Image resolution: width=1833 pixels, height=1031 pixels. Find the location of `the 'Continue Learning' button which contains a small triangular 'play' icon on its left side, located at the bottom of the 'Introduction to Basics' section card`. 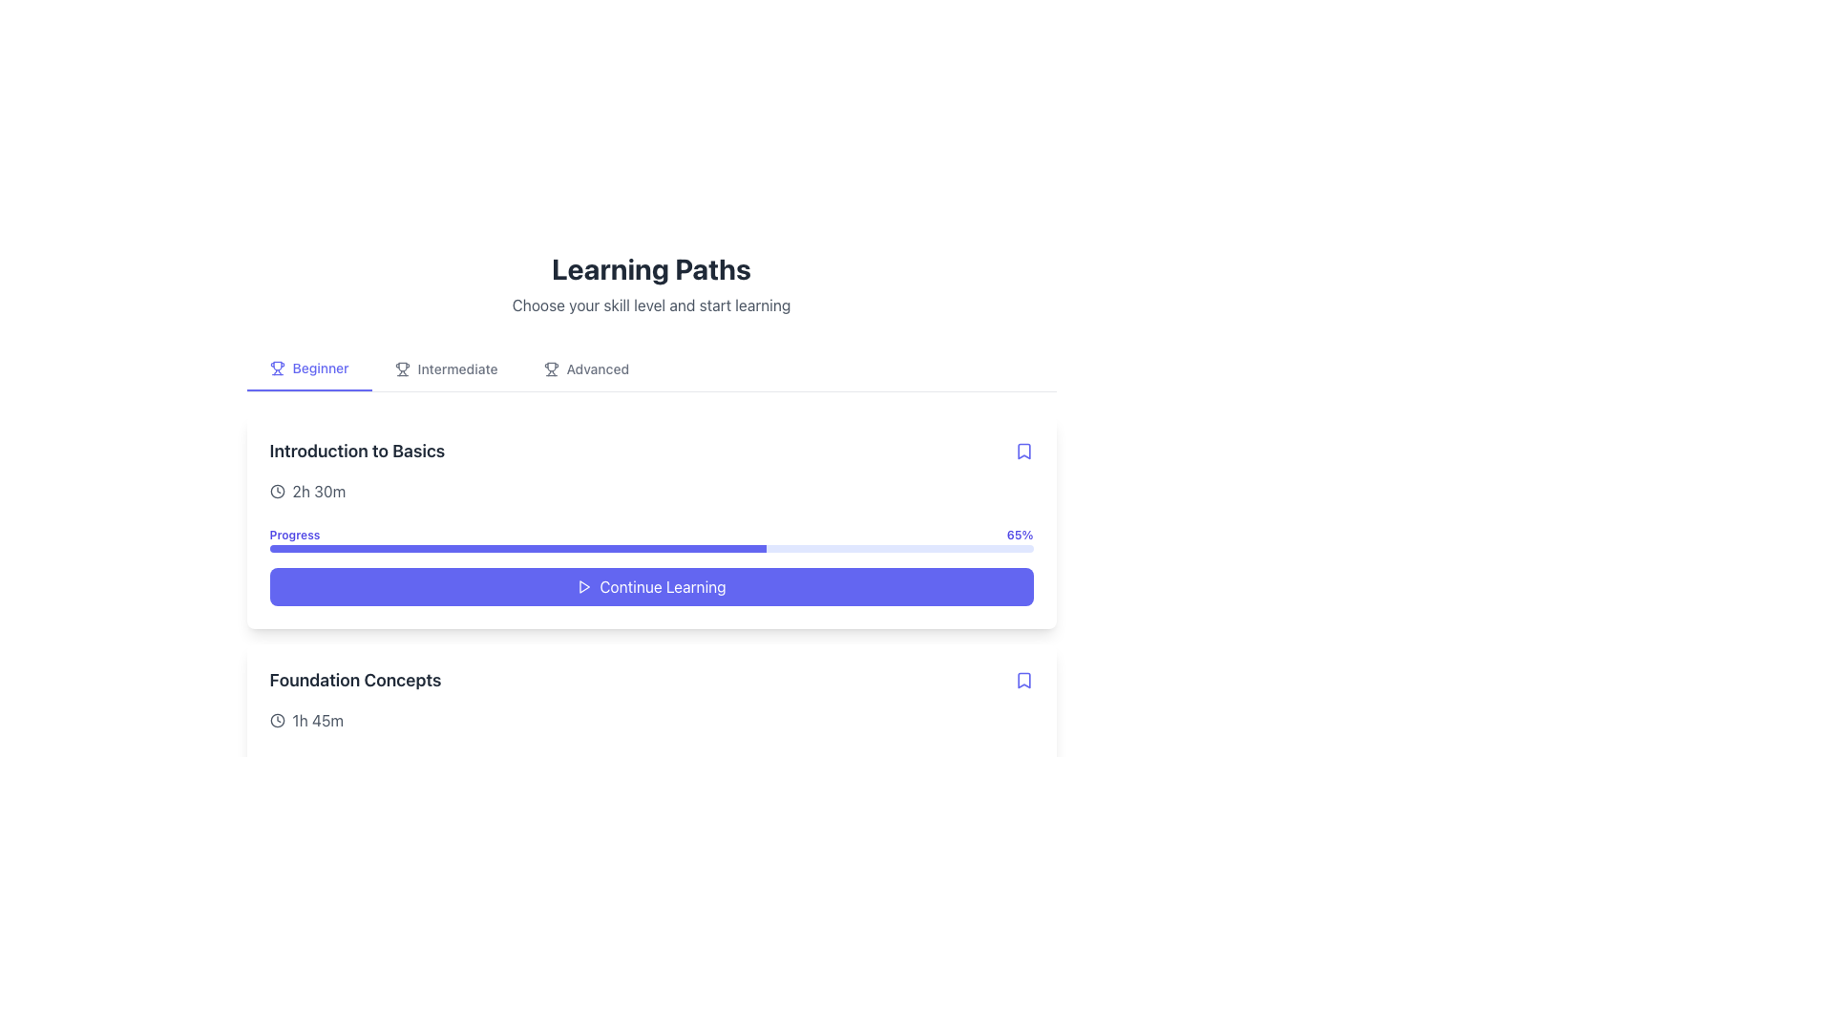

the 'Continue Learning' button which contains a small triangular 'play' icon on its left side, located at the bottom of the 'Introduction to Basics' section card is located at coordinates (583, 585).